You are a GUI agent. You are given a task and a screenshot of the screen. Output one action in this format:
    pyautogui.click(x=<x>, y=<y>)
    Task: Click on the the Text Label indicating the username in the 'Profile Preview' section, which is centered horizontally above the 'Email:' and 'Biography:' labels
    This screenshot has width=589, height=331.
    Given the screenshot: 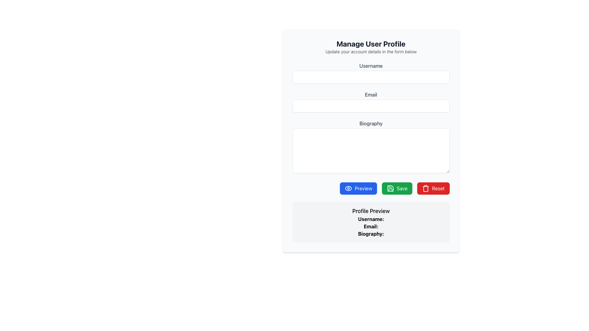 What is the action you would take?
    pyautogui.click(x=371, y=219)
    